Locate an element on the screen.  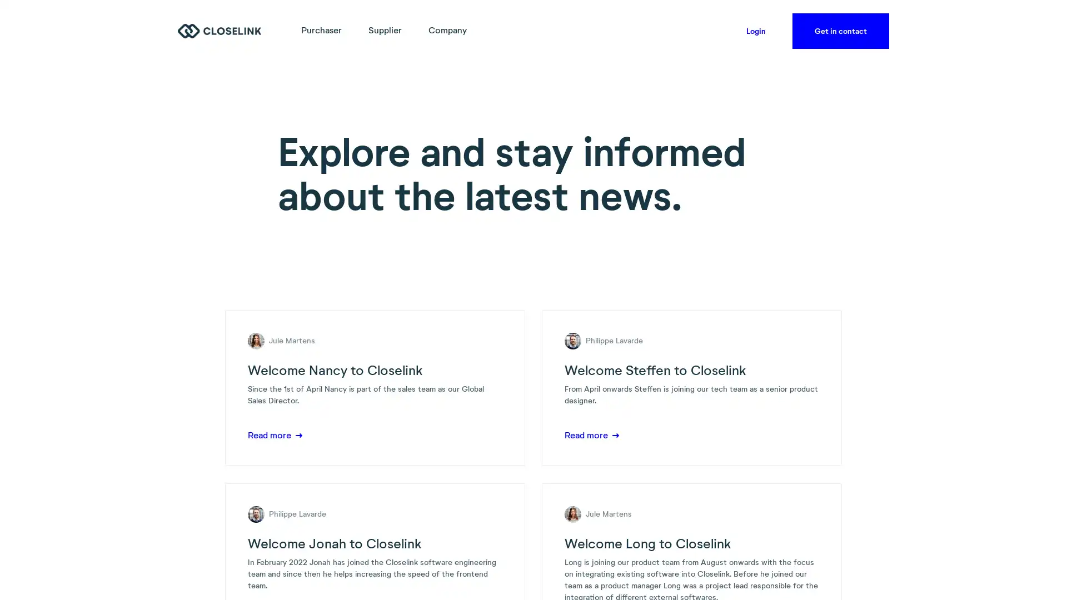
Company is located at coordinates (447, 31).